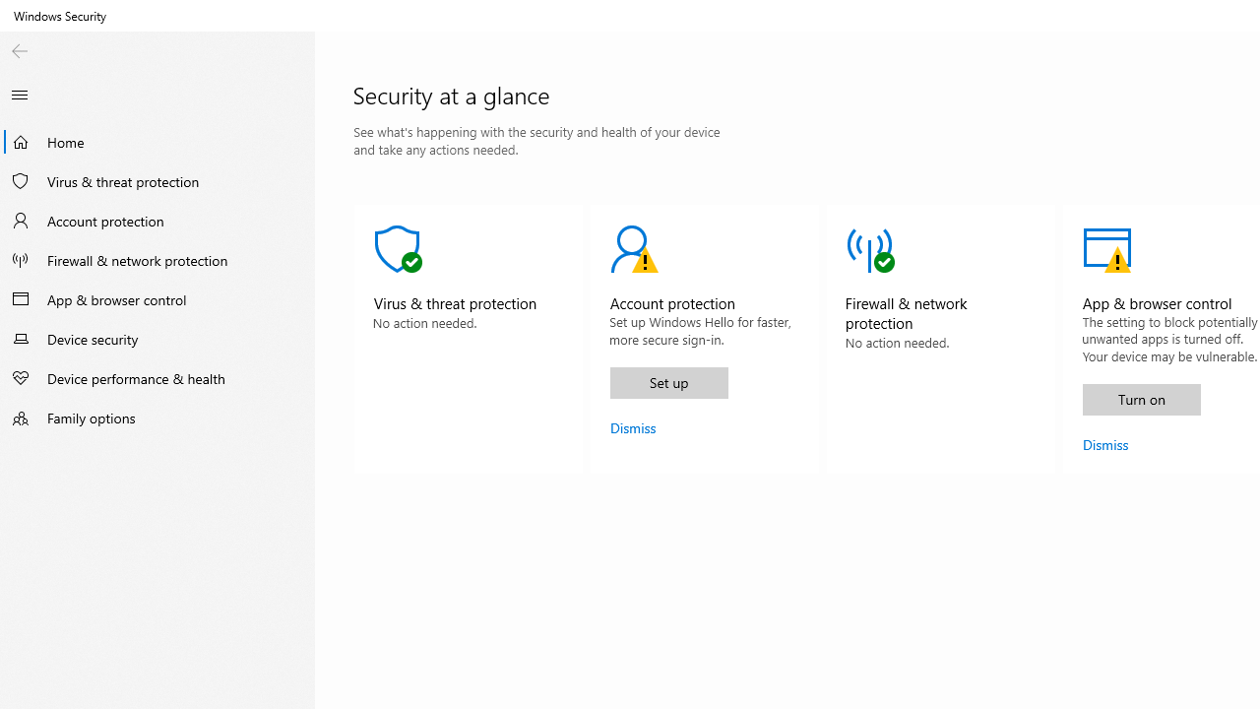  I want to click on 'Firewall & network protectionNo action needed.', so click(940, 338).